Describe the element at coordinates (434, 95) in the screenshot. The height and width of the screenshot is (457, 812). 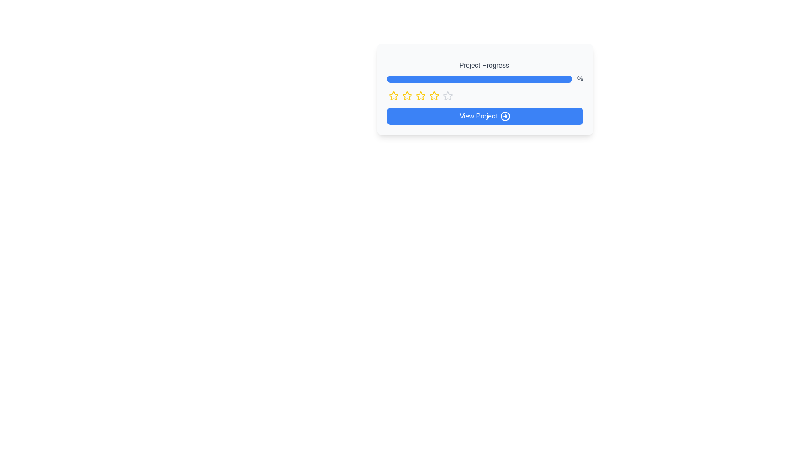
I see `the third rating star icon in the sequence of five` at that location.